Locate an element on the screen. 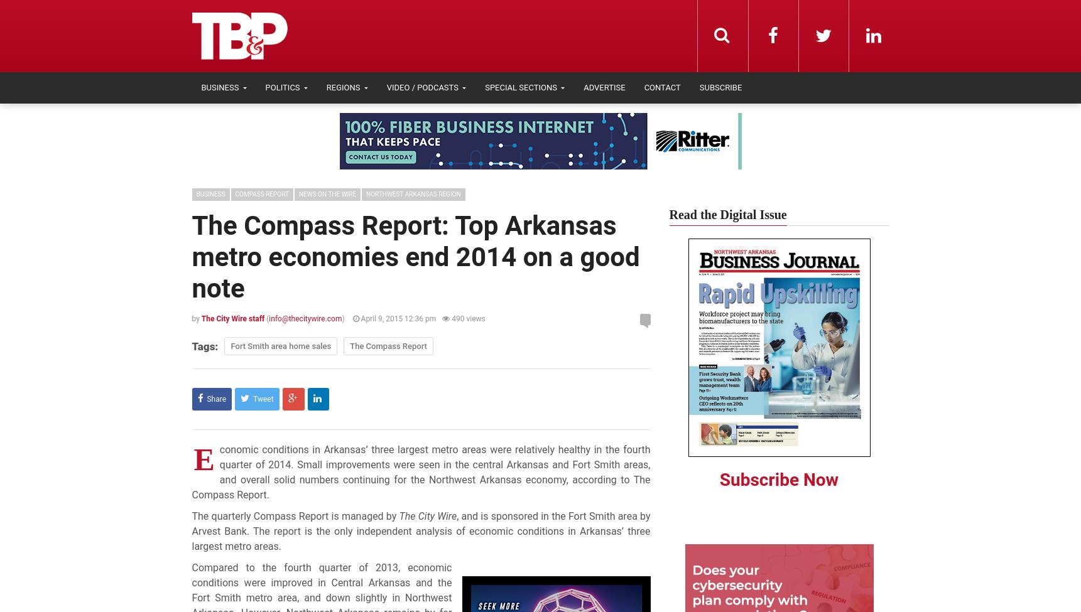  'News on the Wire' is located at coordinates (327, 193).